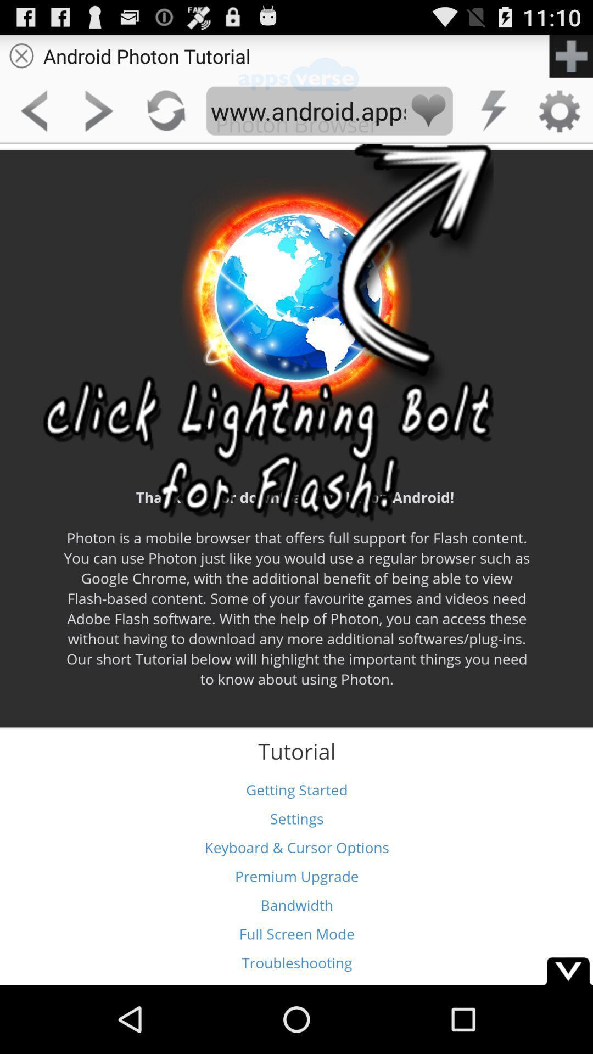 The image size is (593, 1054). What do you see at coordinates (493, 119) in the screenshot?
I see `the flash icon` at bounding box center [493, 119].